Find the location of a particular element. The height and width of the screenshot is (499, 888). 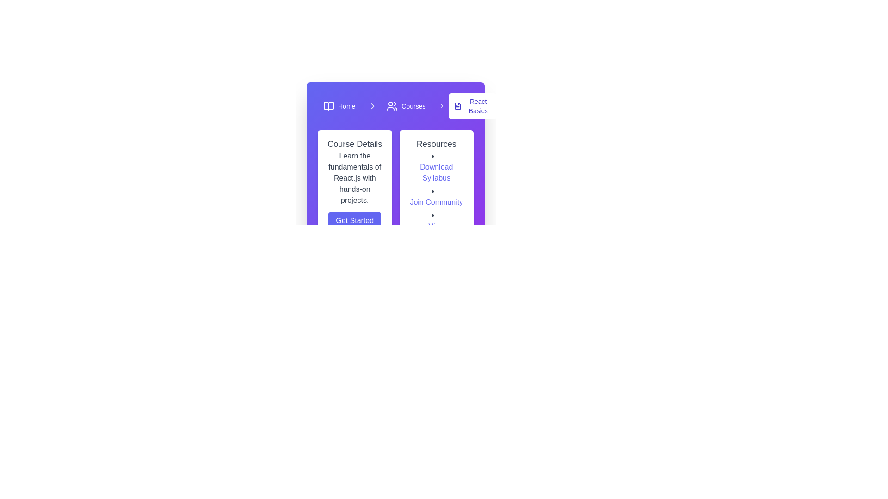

the 'Download Syllabus' hyperlink, which is styled in blue and underlined on hover, located centrally in the 'Resources' section of the right-hand card is located at coordinates (436, 173).